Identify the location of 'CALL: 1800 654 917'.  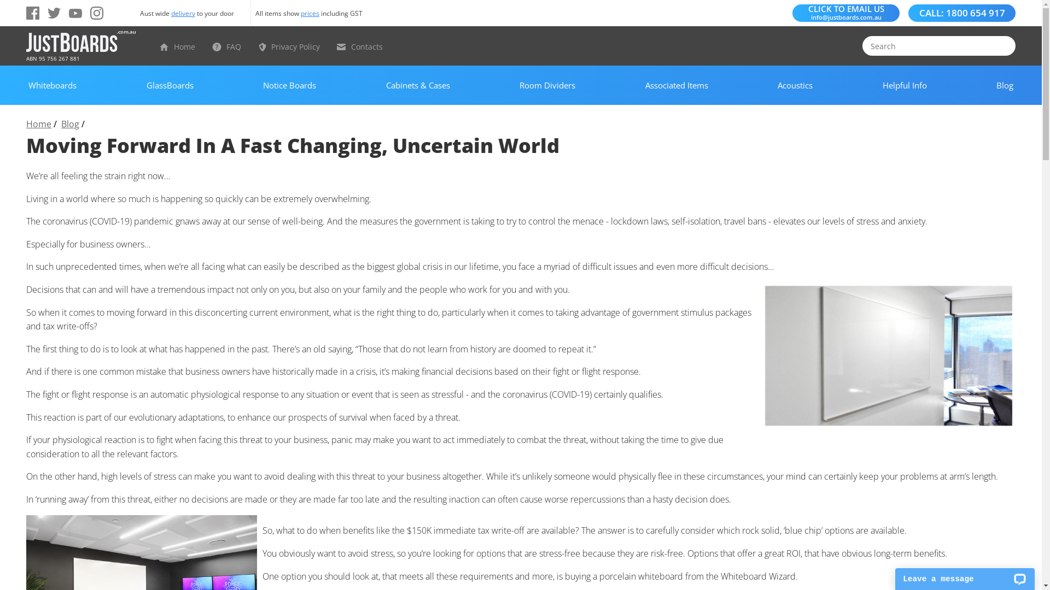
(961, 13).